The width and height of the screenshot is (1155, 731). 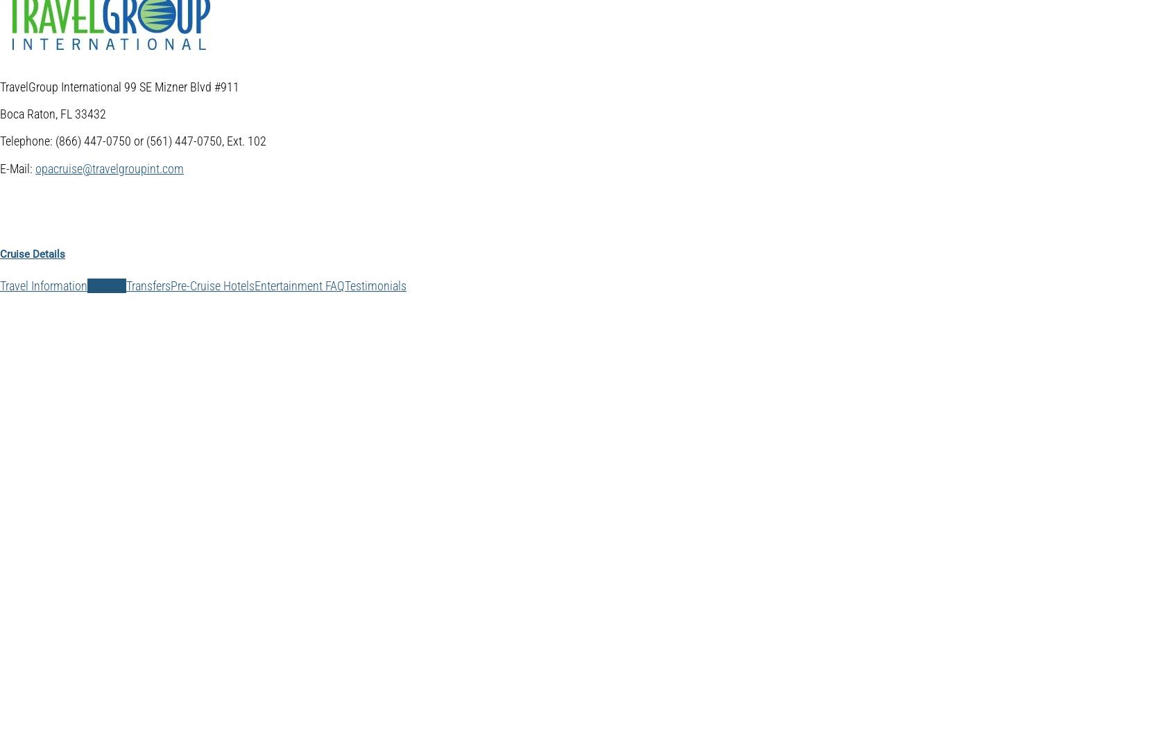 What do you see at coordinates (0, 140) in the screenshot?
I see `'Telephone: (866) 447-0750 or (561) 447-0750, Ext. 102'` at bounding box center [0, 140].